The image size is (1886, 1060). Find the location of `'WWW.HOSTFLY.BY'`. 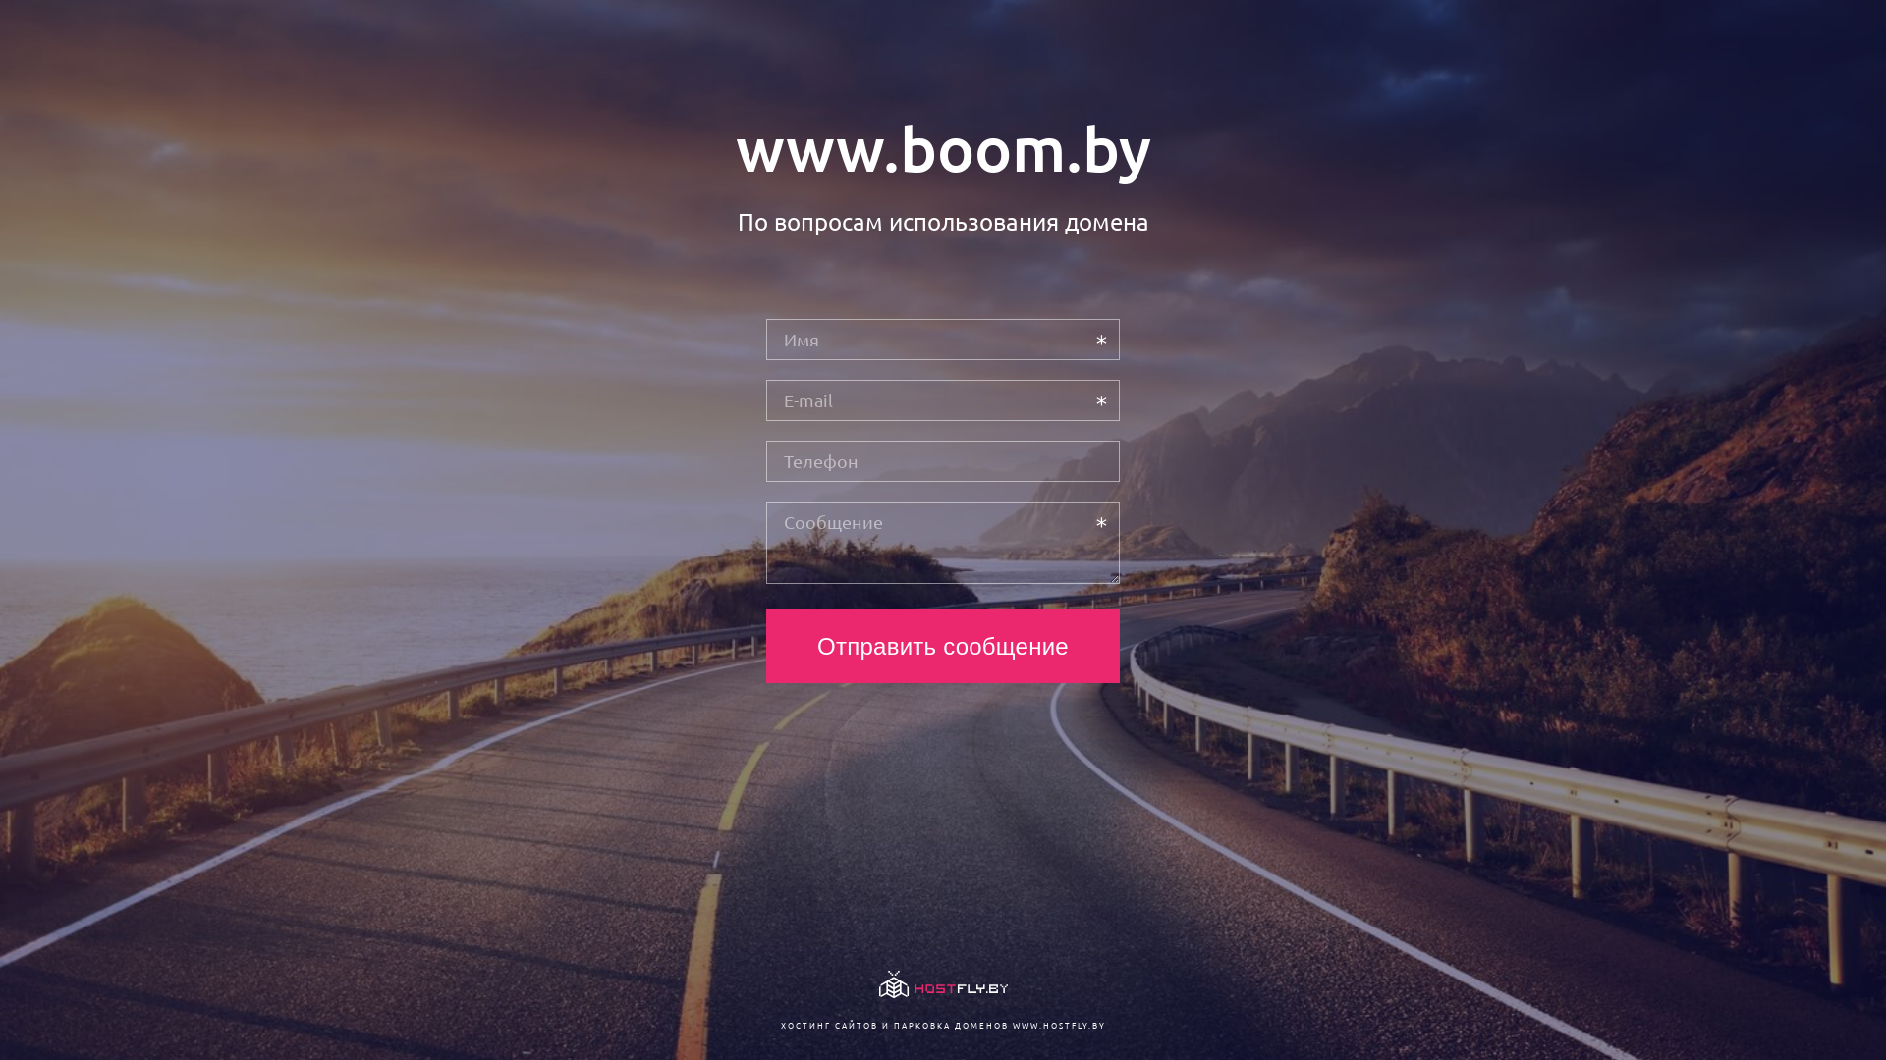

'WWW.HOSTFLY.BY' is located at coordinates (1057, 1024).